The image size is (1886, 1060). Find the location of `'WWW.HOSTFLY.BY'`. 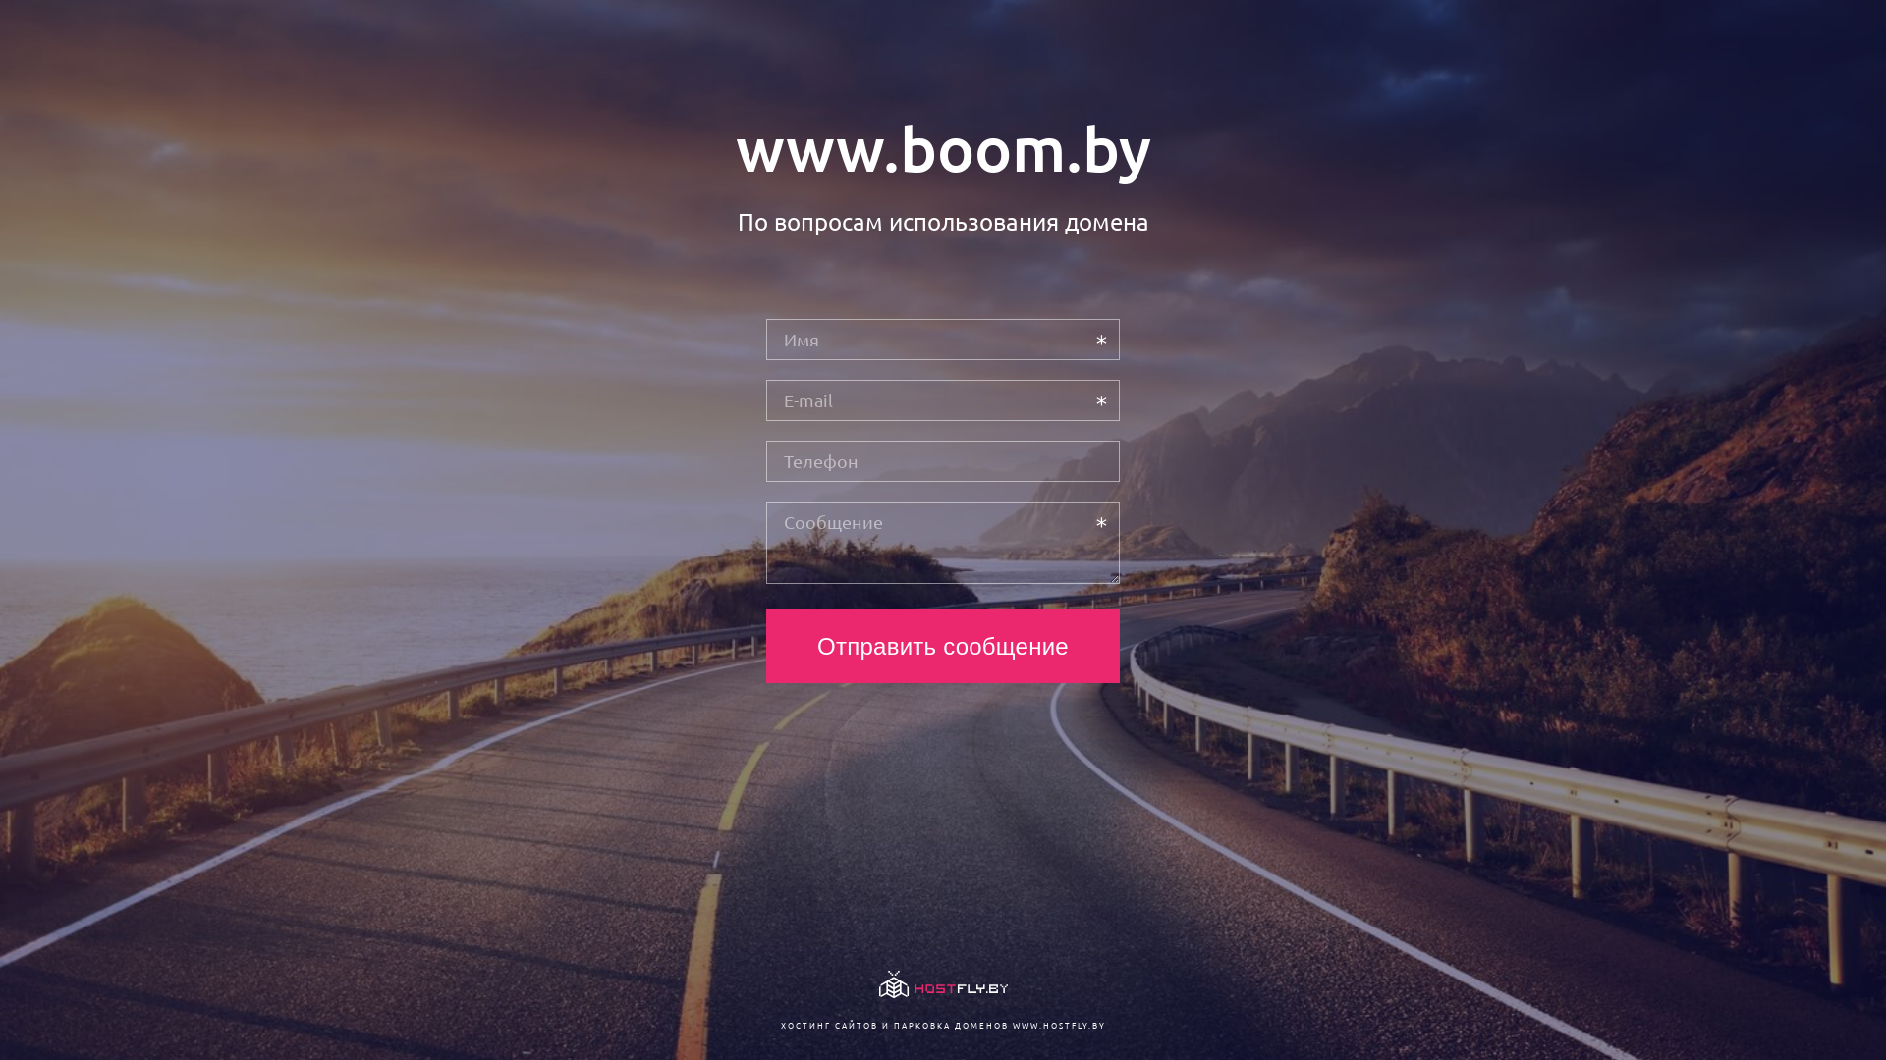

'WWW.HOSTFLY.BY' is located at coordinates (1057, 1024).